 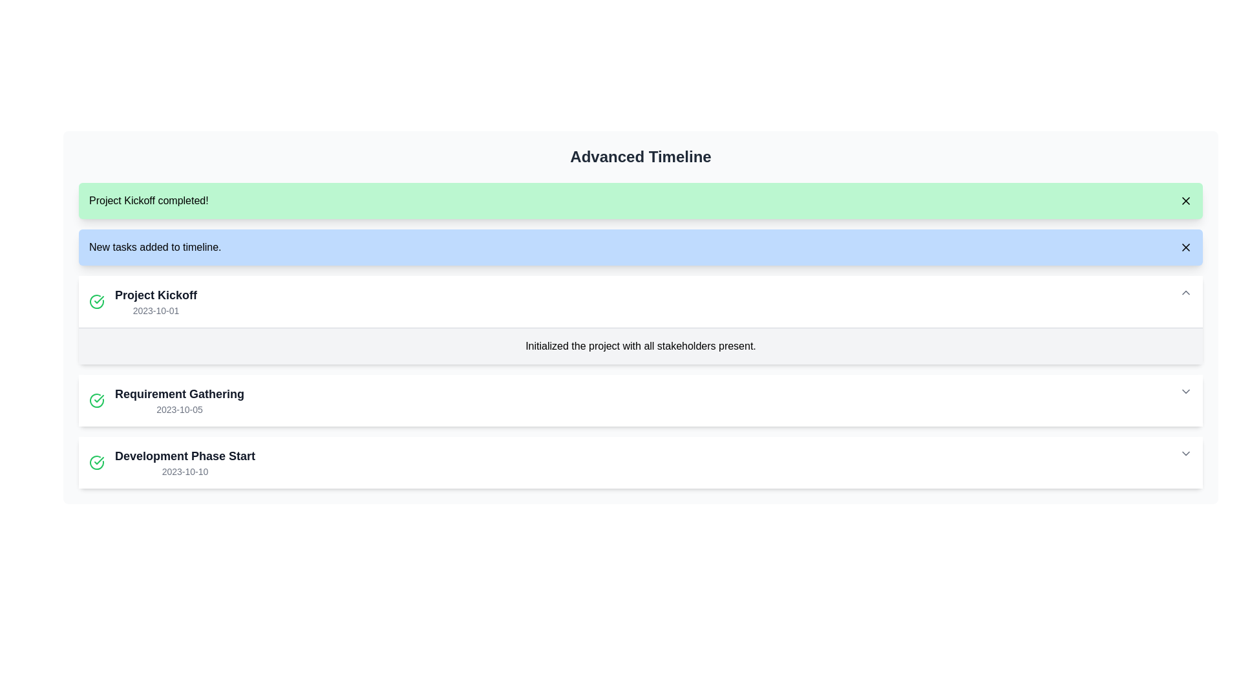 I want to click on the dismiss 'X' icon located at the far right side of the green notification banner that indicates 'Project Kickoff completed!', so click(x=1185, y=201).